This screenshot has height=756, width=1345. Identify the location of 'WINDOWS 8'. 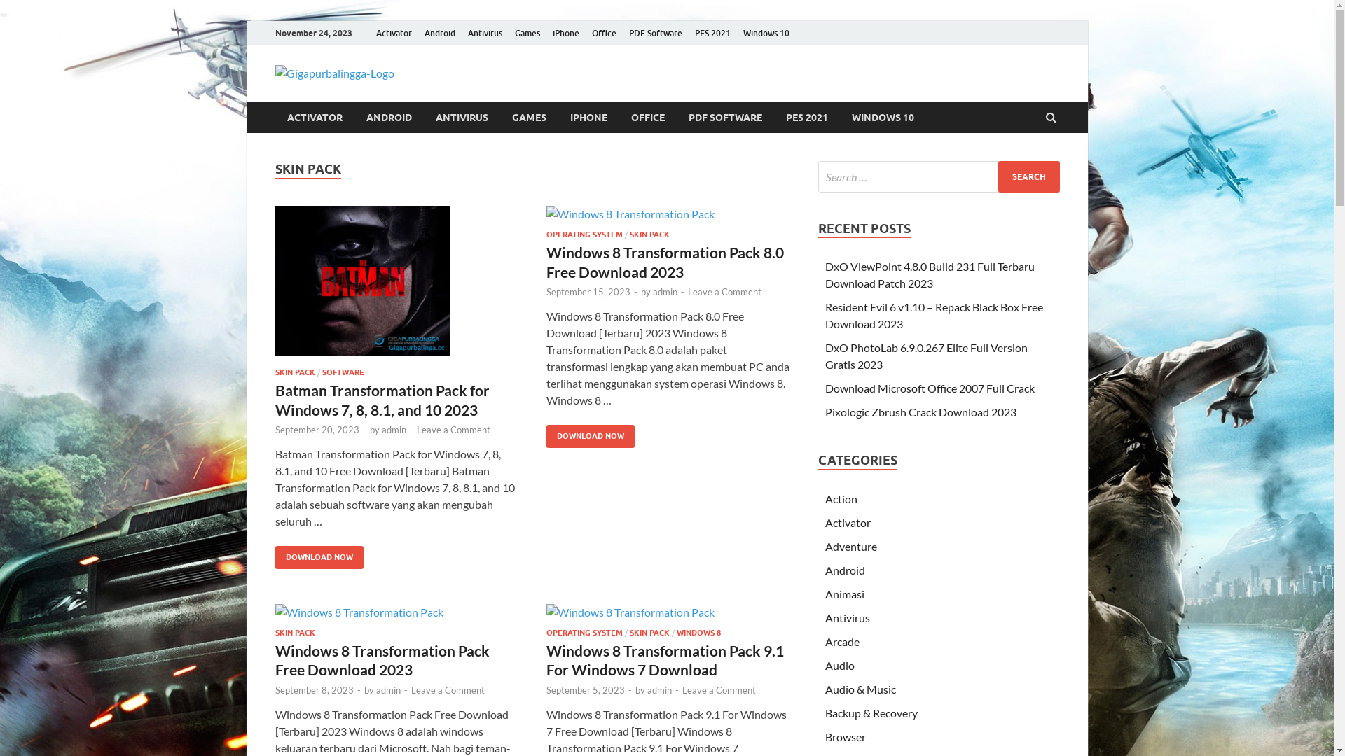
(698, 632).